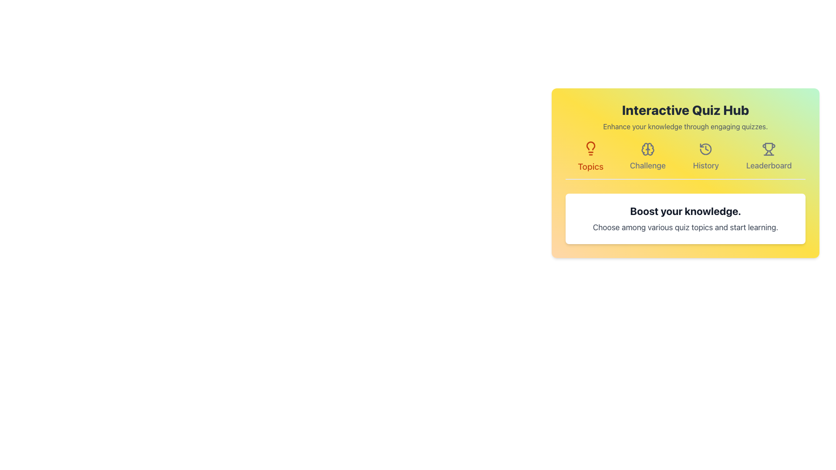  Describe the element at coordinates (647, 149) in the screenshot. I see `SVG graphic/icon representing the 'Challenge' feature located second from the left in the row of four icons under 'Interactive Quiz Hub'` at that location.